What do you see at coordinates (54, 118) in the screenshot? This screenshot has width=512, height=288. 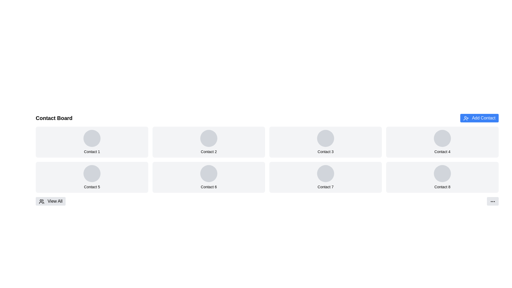 I see `the prominently styled 'Contact Board' text located in the header section, distinguishable by its bold and larger font size` at bounding box center [54, 118].